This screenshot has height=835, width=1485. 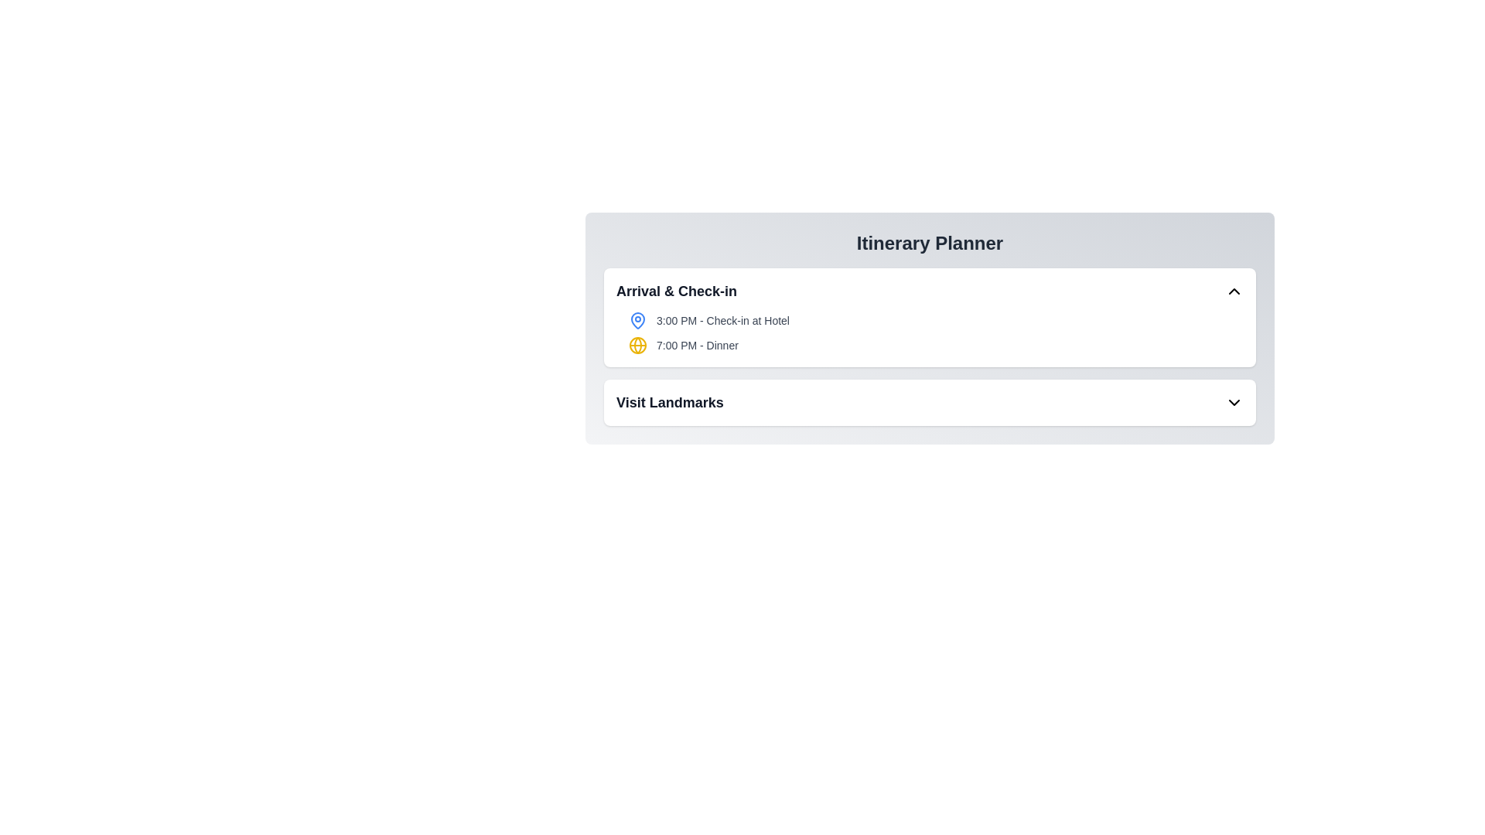 What do you see at coordinates (638, 345) in the screenshot?
I see `the icon next to the itinerary detail Dinner` at bounding box center [638, 345].